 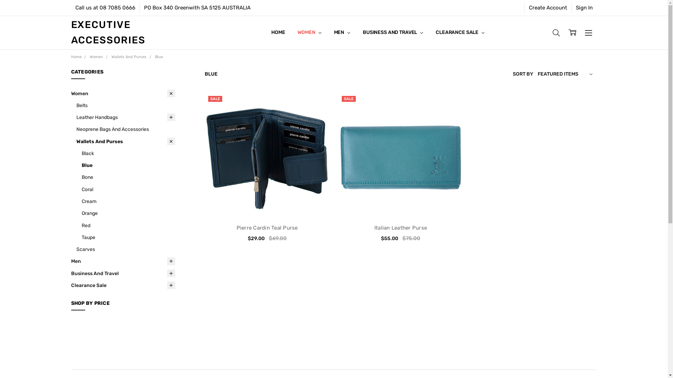 I want to click on 'Home', so click(x=70, y=56).